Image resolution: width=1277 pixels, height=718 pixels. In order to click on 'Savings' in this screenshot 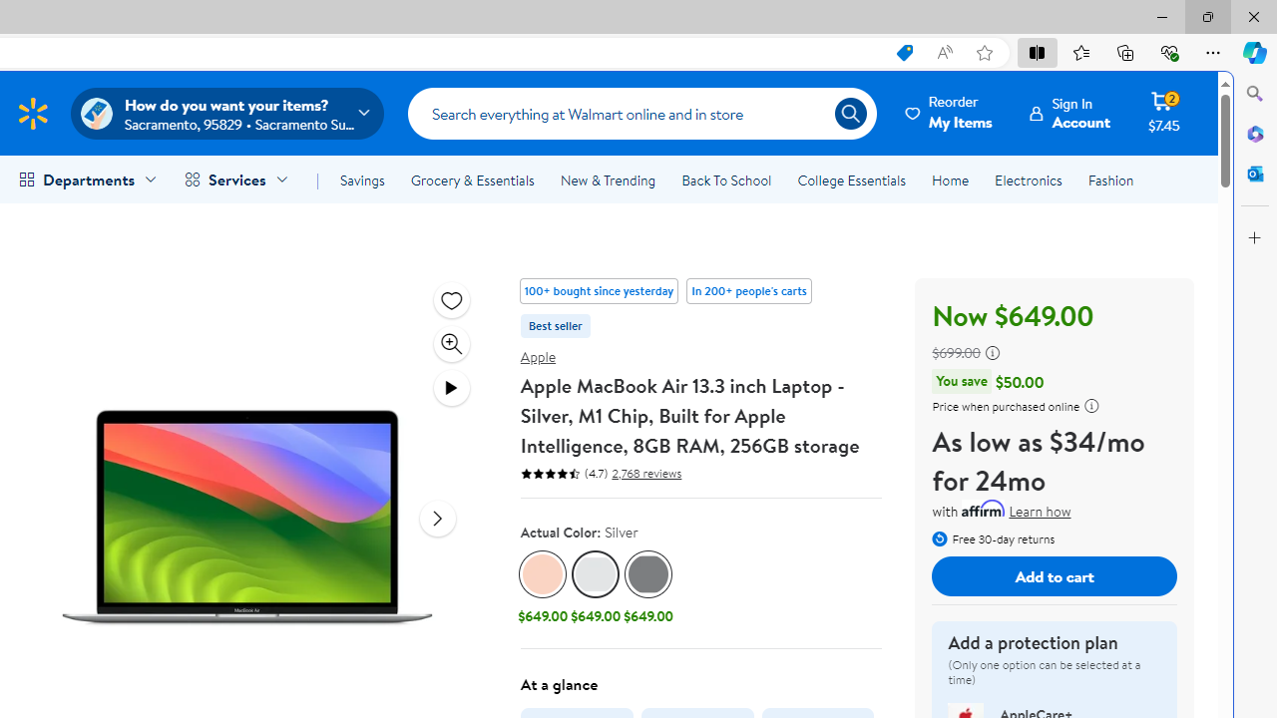, I will do `click(362, 180)`.